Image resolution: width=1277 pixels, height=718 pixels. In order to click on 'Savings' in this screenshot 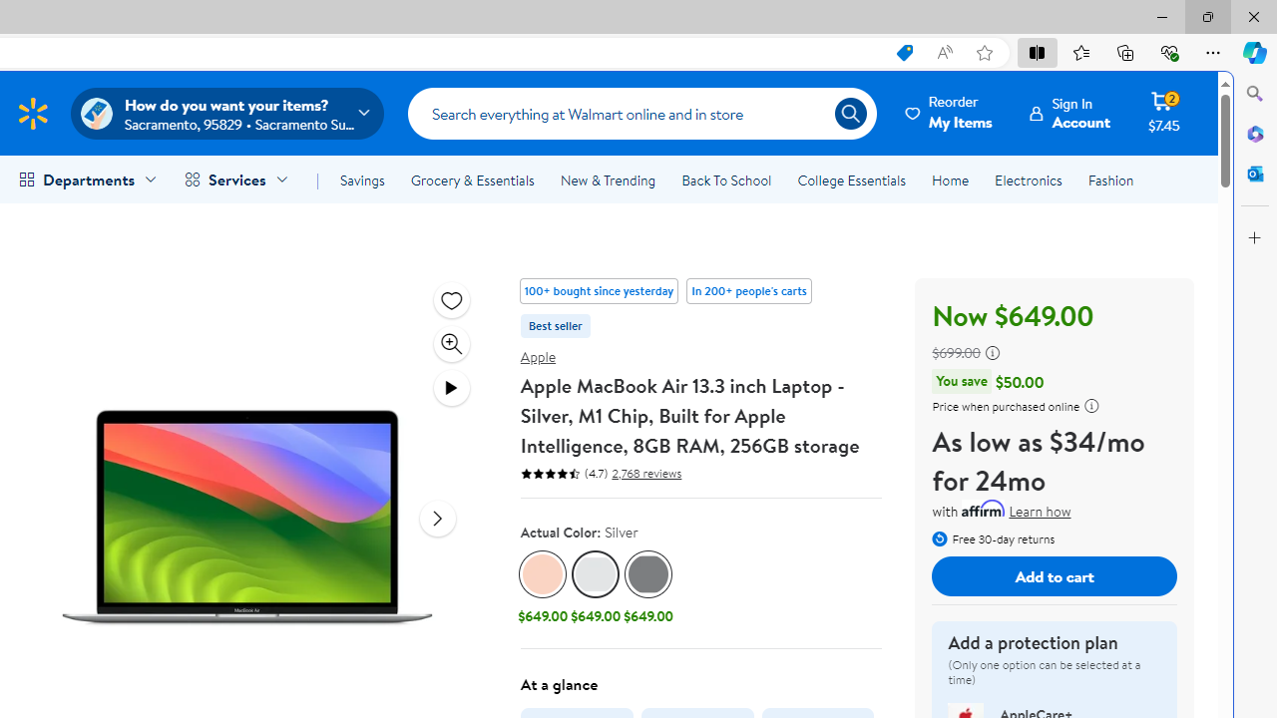, I will do `click(362, 180)`.